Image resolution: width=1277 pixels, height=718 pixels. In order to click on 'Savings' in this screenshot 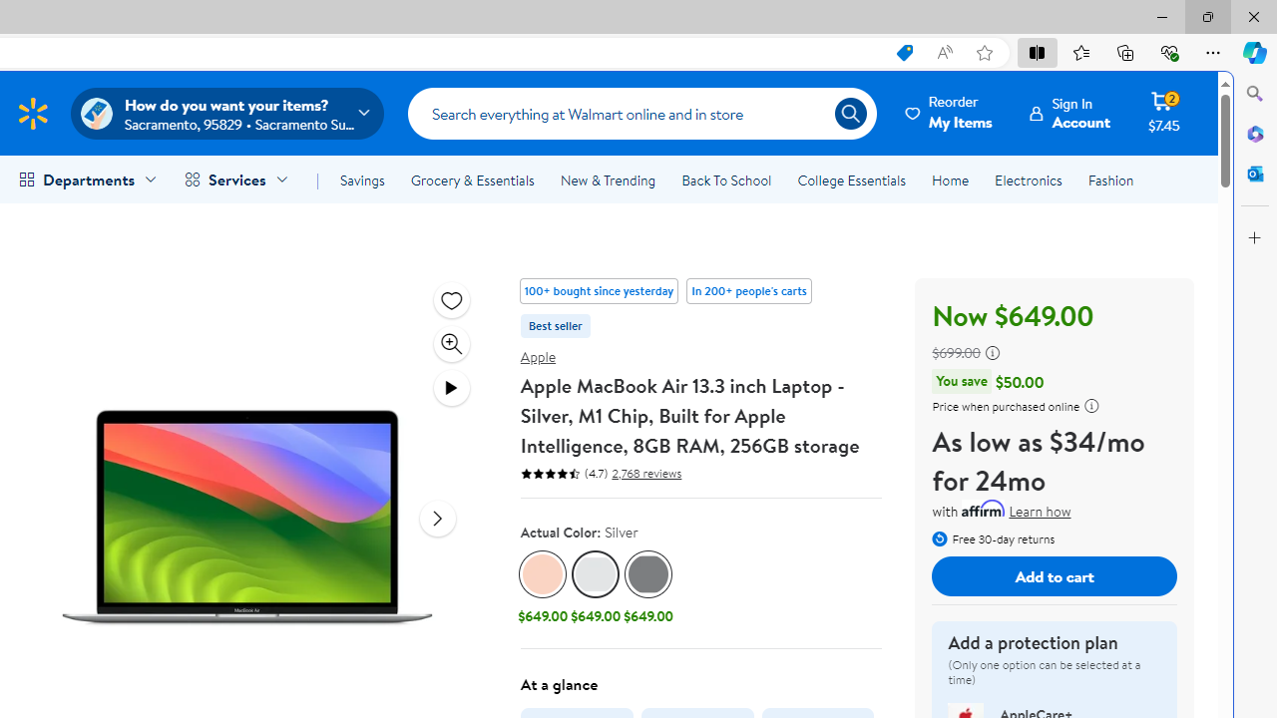, I will do `click(362, 180)`.